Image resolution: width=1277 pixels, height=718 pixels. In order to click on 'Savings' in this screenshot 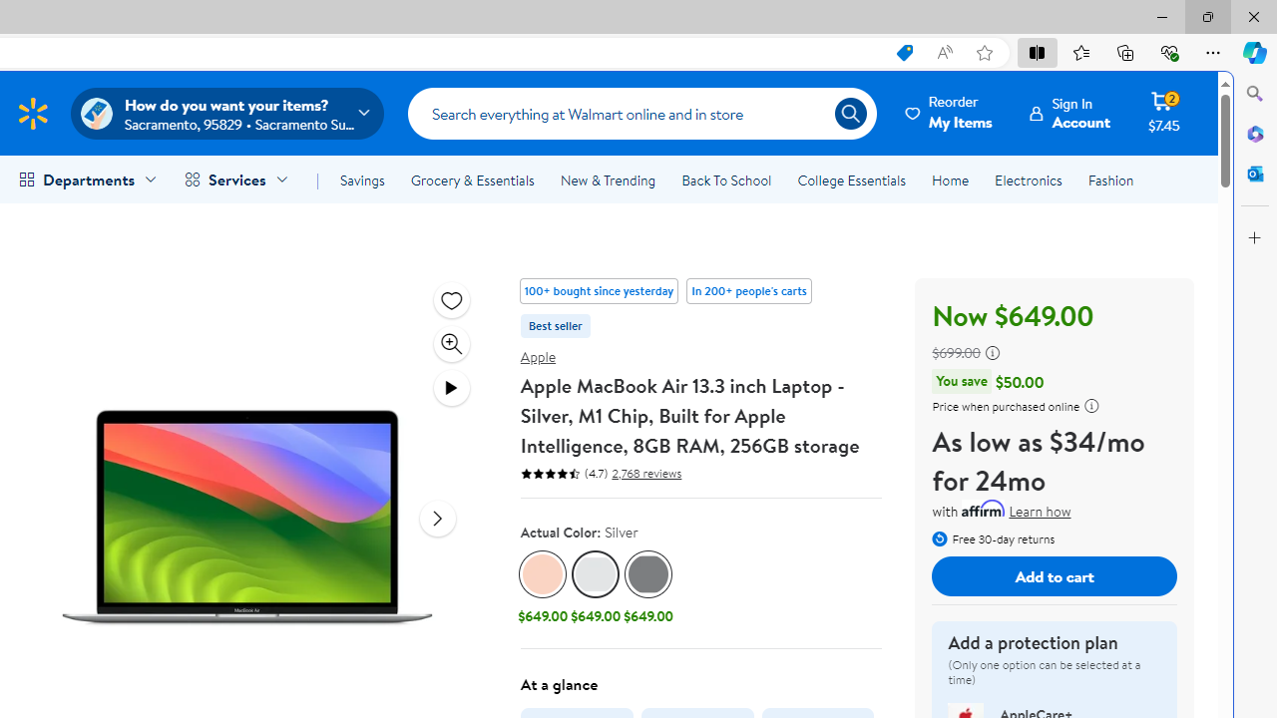, I will do `click(362, 180)`.